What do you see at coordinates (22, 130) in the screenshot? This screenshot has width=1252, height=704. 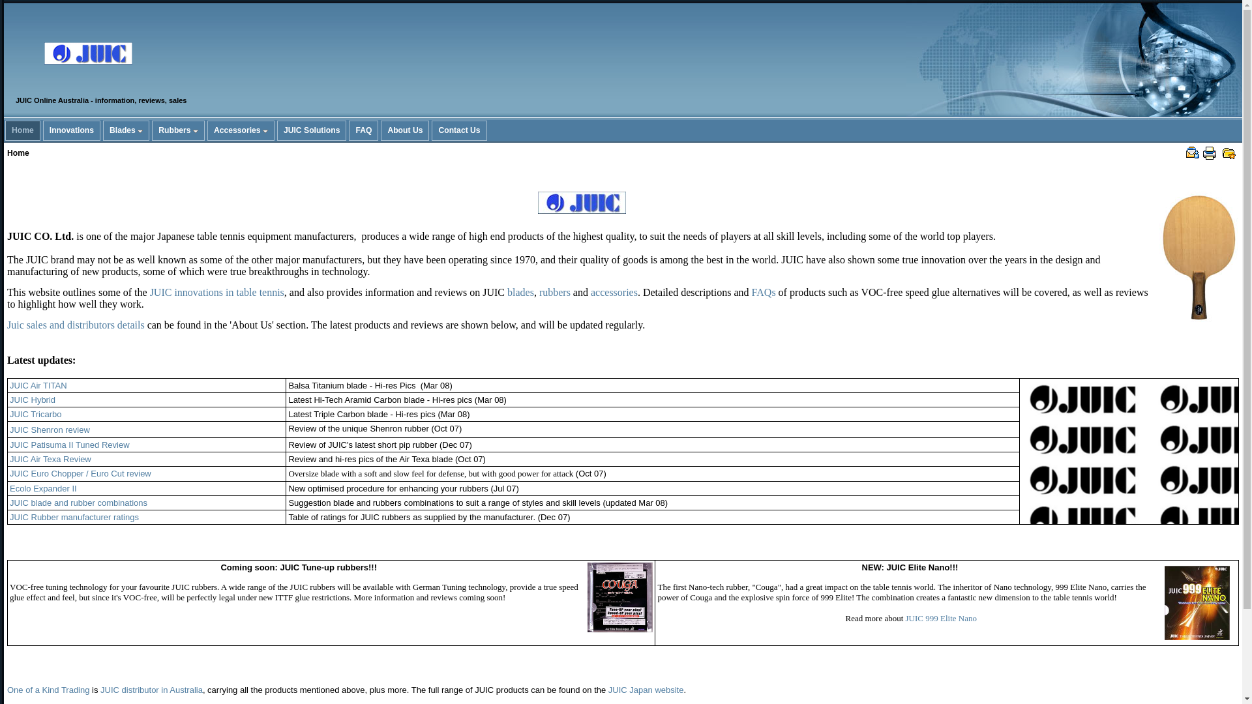 I see `'Home'` at bounding box center [22, 130].